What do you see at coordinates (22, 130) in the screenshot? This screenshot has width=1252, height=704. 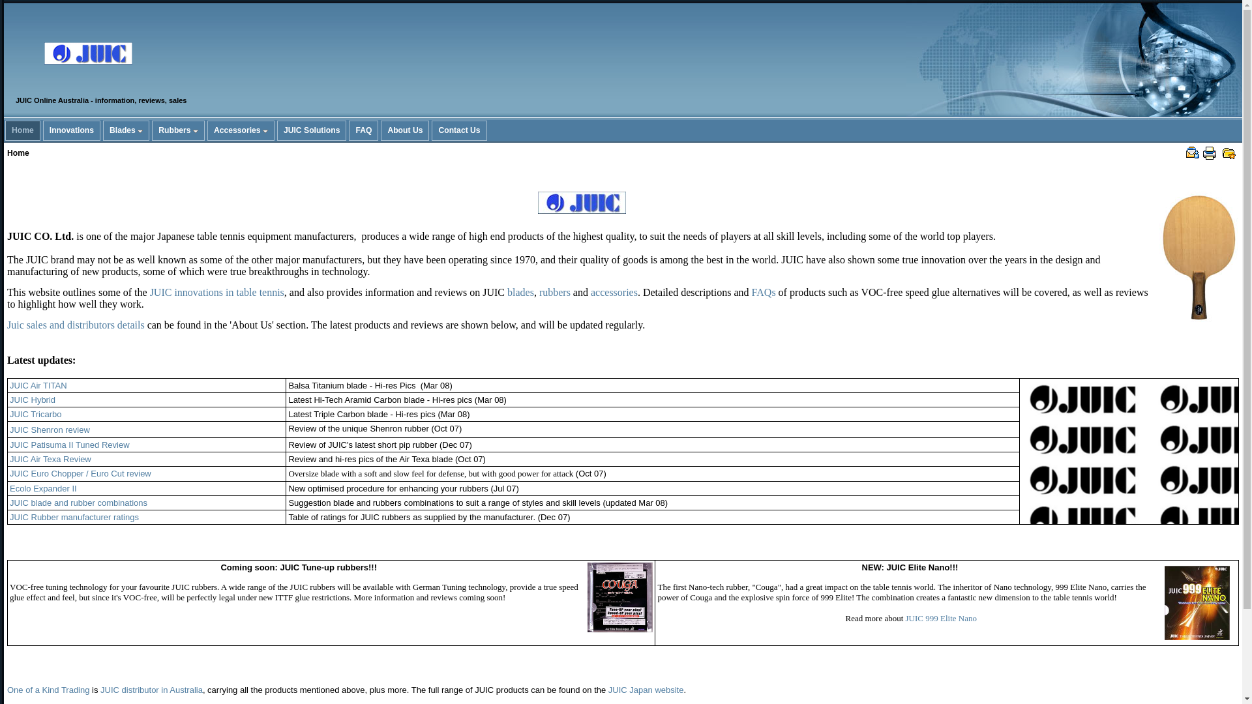 I see `'Home'` at bounding box center [22, 130].